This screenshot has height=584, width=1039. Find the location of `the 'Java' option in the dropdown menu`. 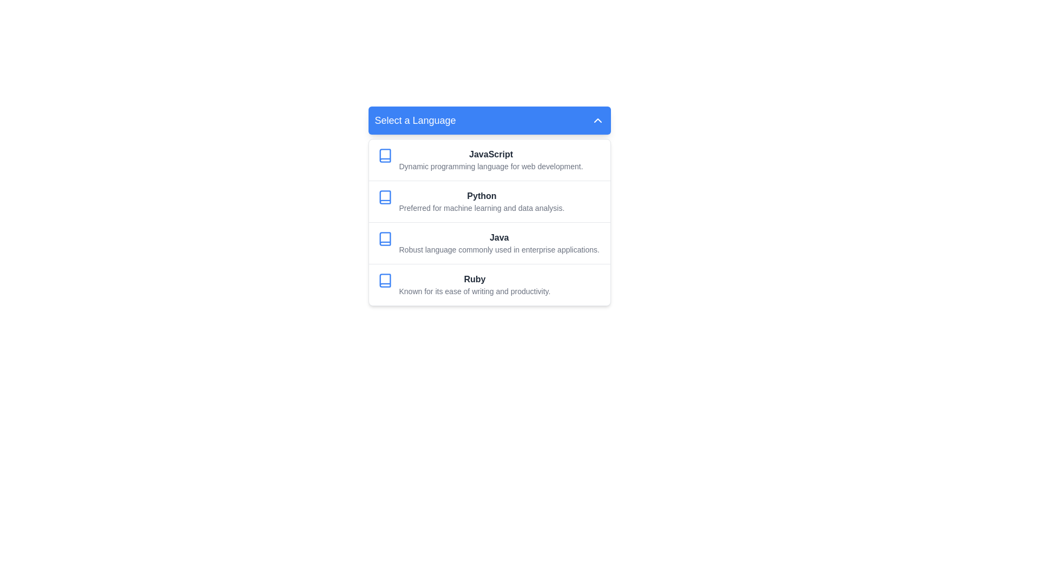

the 'Java' option in the dropdown menu is located at coordinates (498, 237).